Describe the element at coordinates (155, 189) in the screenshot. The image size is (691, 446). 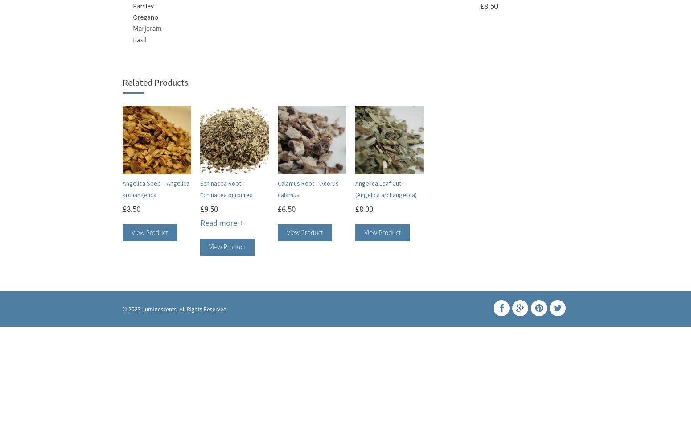
I see `'Angelica Seed – Angelica archangelica'` at that location.